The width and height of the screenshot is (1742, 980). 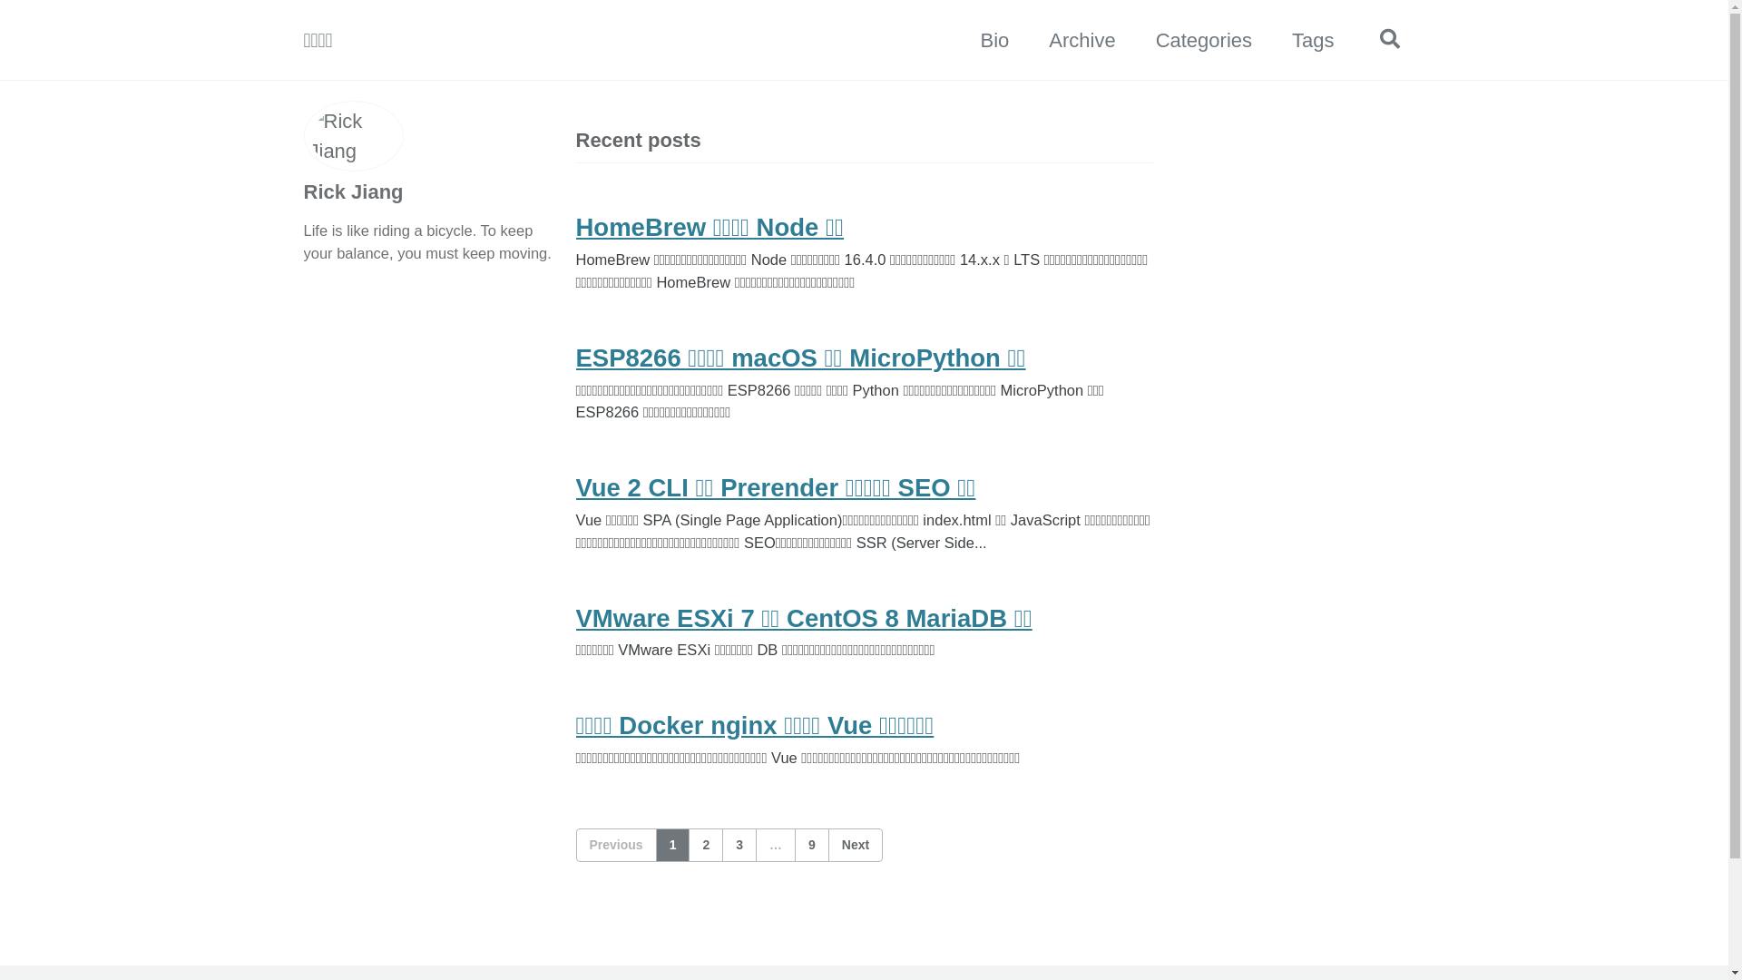 I want to click on '3', so click(x=739, y=845).